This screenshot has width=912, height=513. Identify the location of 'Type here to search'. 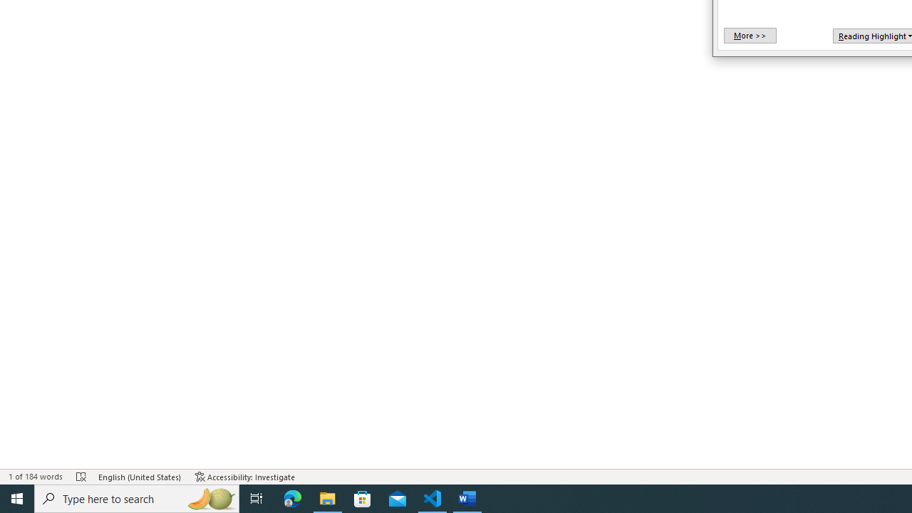
(137, 497).